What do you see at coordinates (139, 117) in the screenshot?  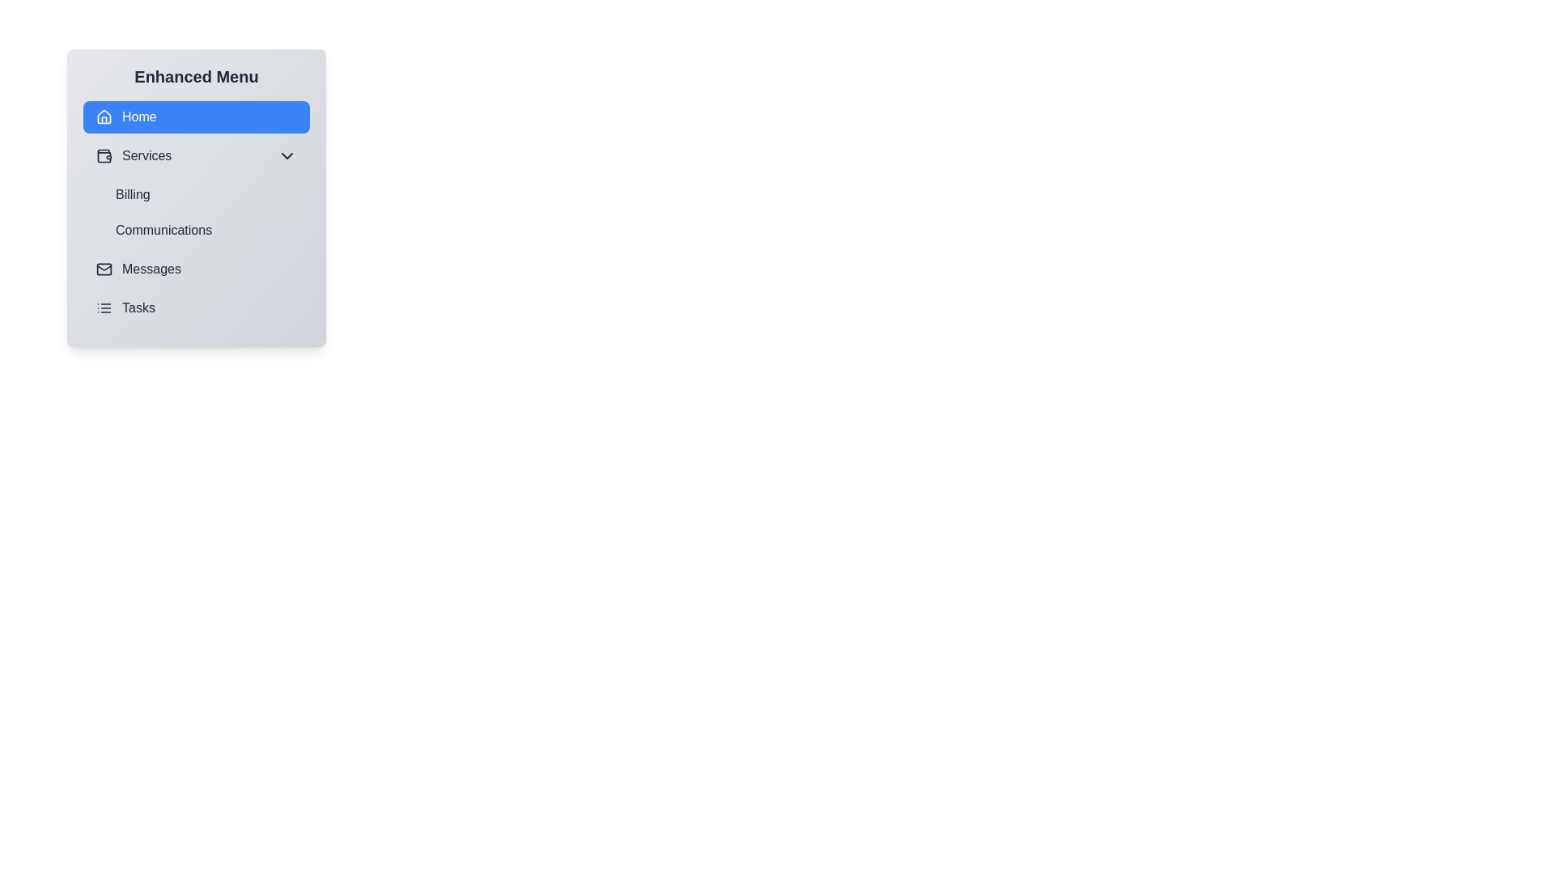 I see `the 'Home' text label in the navigation menu` at bounding box center [139, 117].